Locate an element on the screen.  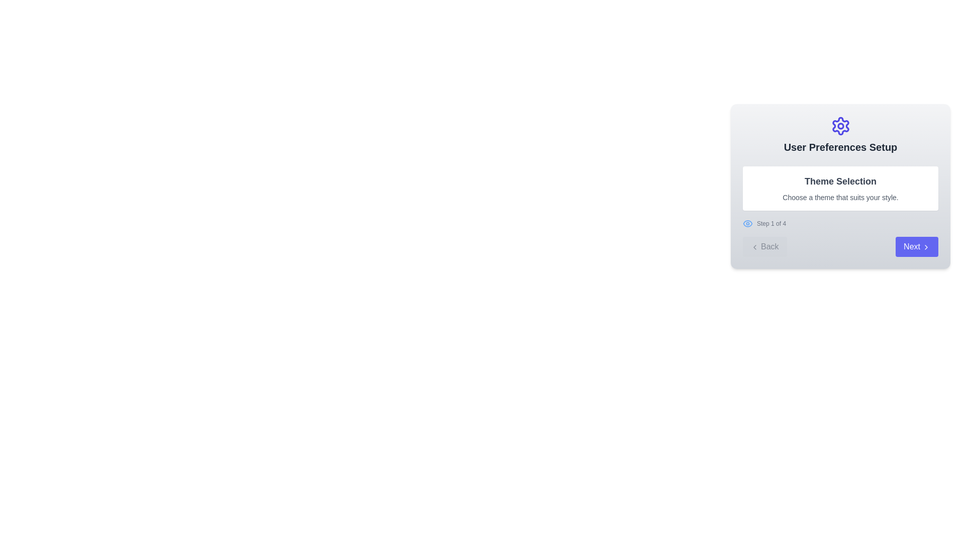
the left-pointing chevron icon within the 'Back' button located at the bottom-left corner of the card interface is located at coordinates (755, 246).